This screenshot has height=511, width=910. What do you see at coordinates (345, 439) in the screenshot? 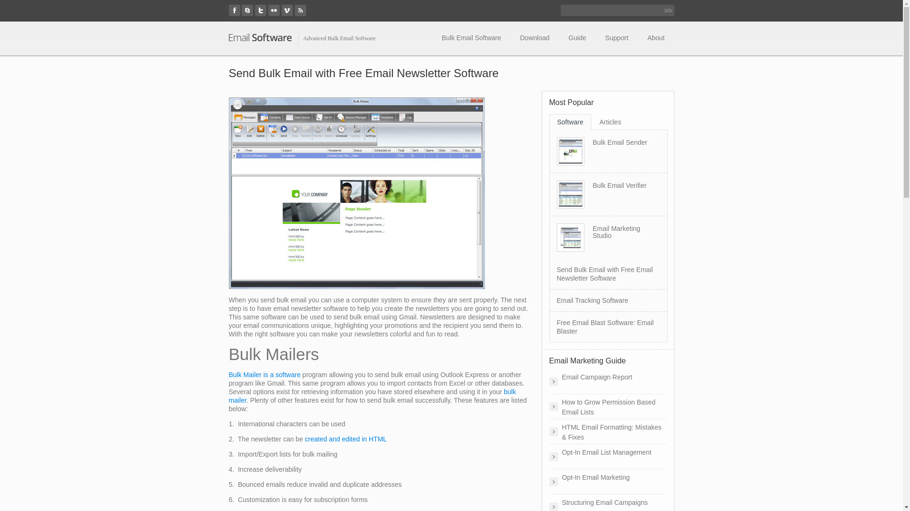
I see `'created and edited in HTML'` at bounding box center [345, 439].